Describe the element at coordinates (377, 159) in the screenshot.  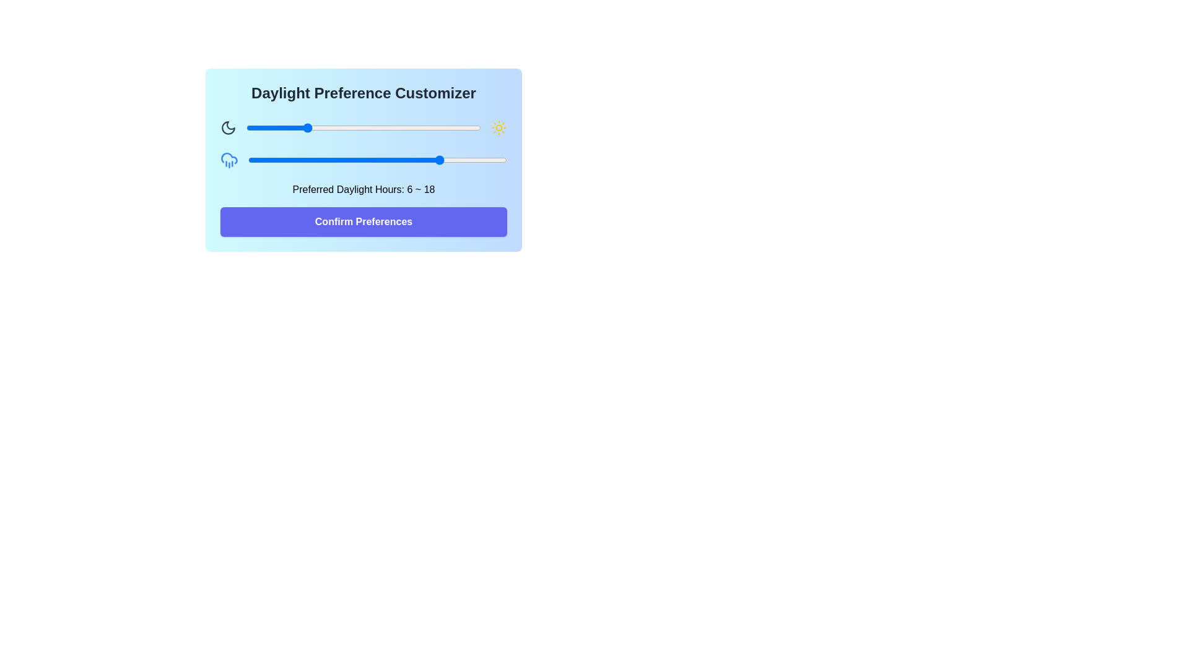
I see `the horizontal range slider, which has a blue filled section and a thumb control for adjustment, positioned below a cloud icon and above the numeric display labeled 'Preferred Daylight Hours: 6 ~ 18'` at that location.